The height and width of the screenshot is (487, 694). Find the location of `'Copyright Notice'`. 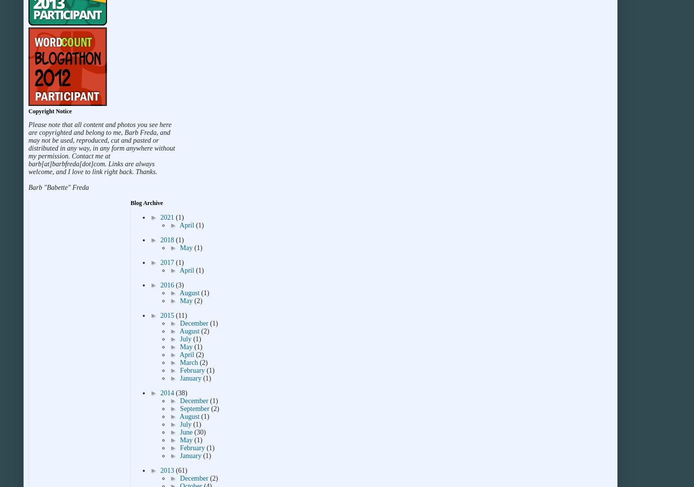

'Copyright Notice' is located at coordinates (50, 111).